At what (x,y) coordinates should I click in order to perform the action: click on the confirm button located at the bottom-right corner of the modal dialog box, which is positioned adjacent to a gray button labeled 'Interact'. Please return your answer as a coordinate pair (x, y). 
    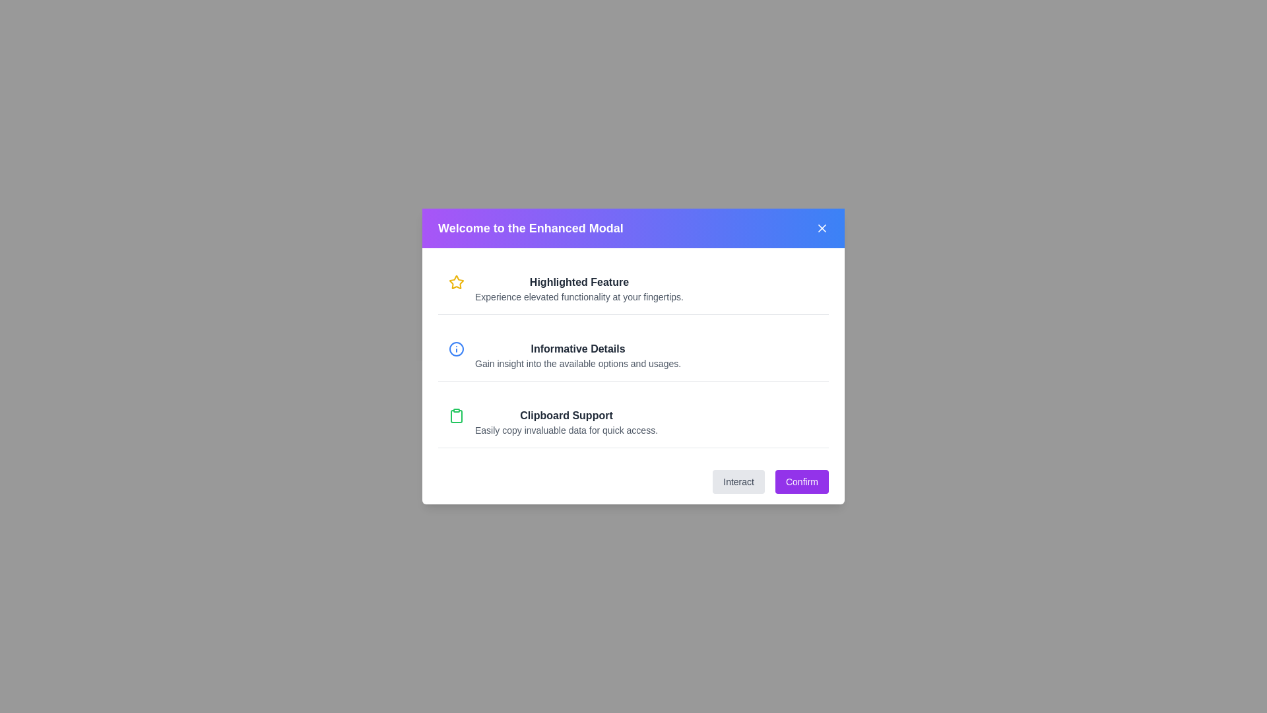
    Looking at the image, I should click on (801, 481).